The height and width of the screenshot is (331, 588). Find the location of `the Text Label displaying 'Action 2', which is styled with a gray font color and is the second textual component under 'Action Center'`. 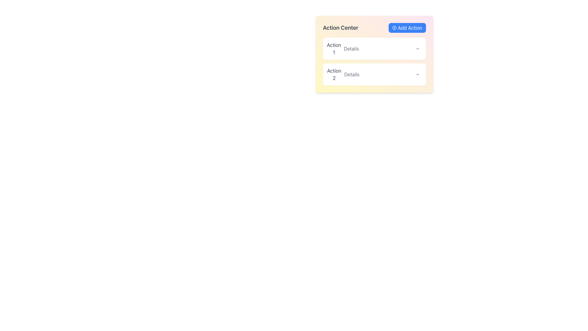

the Text Label displaying 'Action 2', which is styled with a gray font color and is the second textual component under 'Action Center' is located at coordinates (334, 74).